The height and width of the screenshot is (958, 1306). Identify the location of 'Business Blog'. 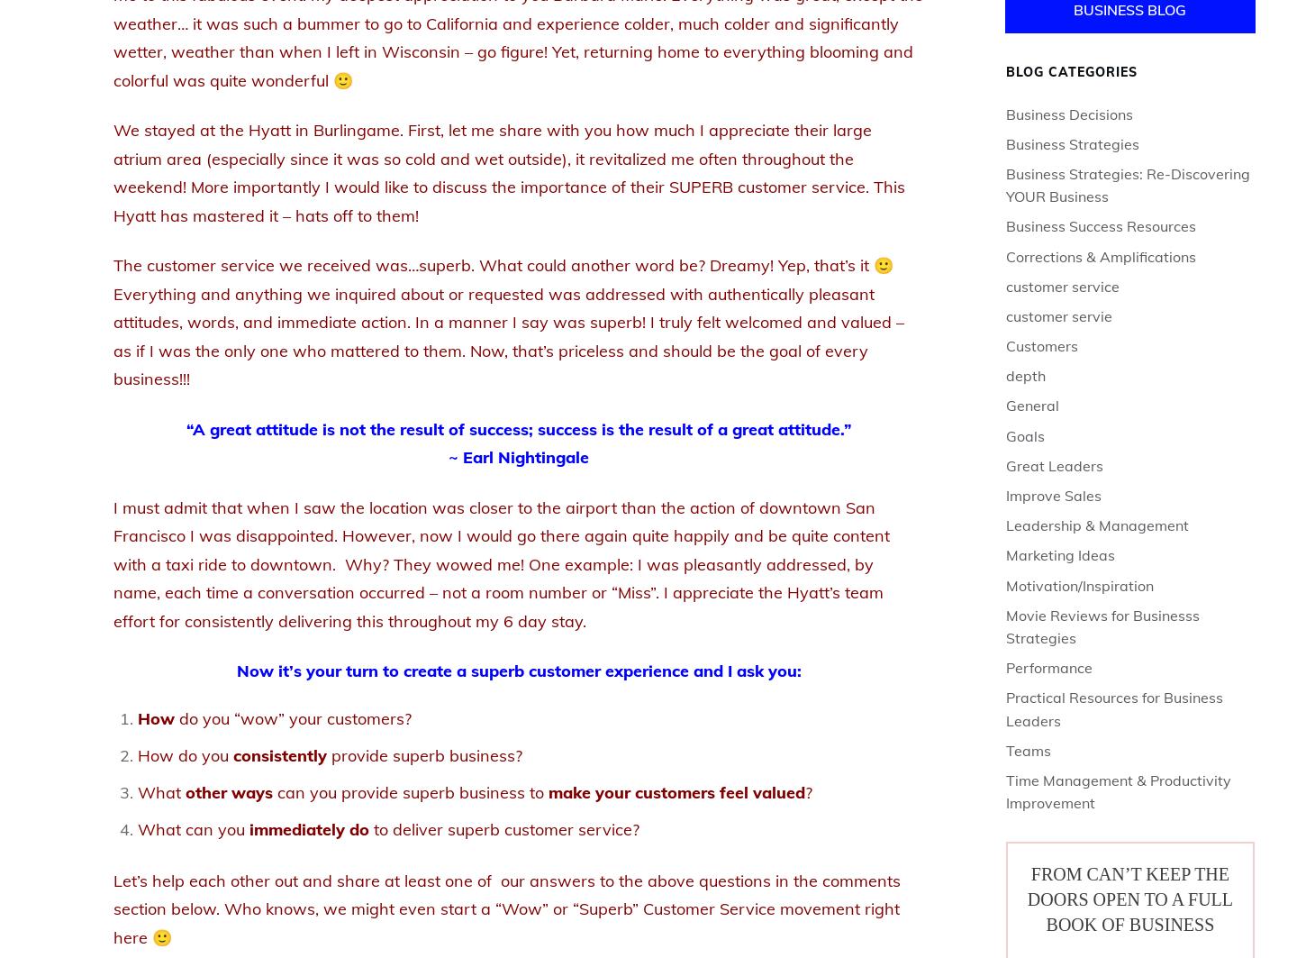
(1129, 9).